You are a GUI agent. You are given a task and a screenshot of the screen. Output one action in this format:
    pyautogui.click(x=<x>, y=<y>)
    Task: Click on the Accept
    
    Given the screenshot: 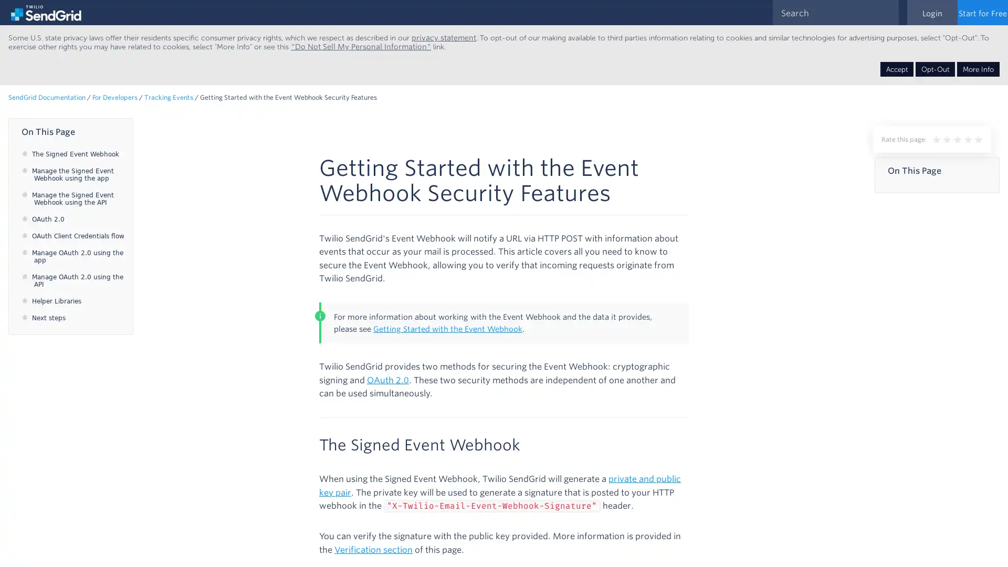 What is the action you would take?
    pyautogui.click(x=896, y=69)
    